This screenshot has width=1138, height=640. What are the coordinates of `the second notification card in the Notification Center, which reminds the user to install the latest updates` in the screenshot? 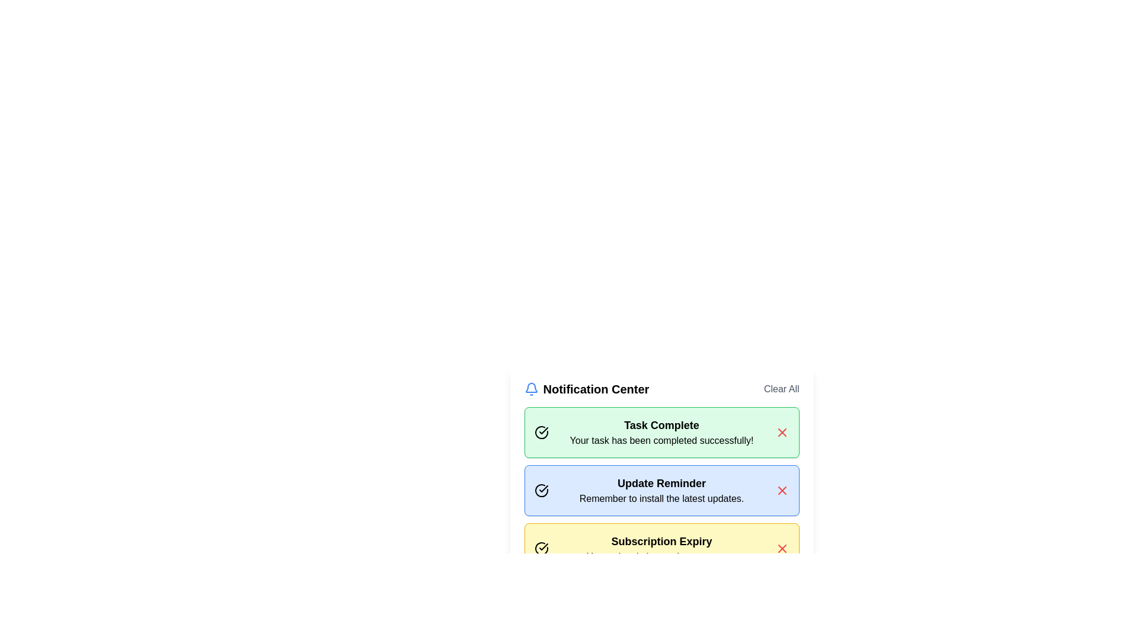 It's located at (661, 491).